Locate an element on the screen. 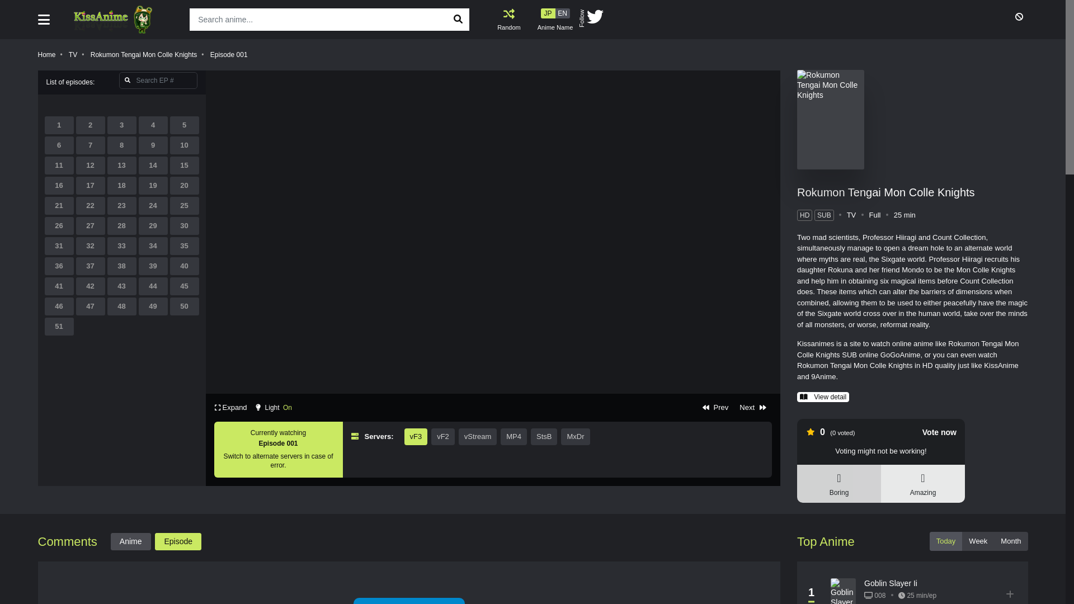 This screenshot has height=604, width=1074. '21' is located at coordinates (58, 205).